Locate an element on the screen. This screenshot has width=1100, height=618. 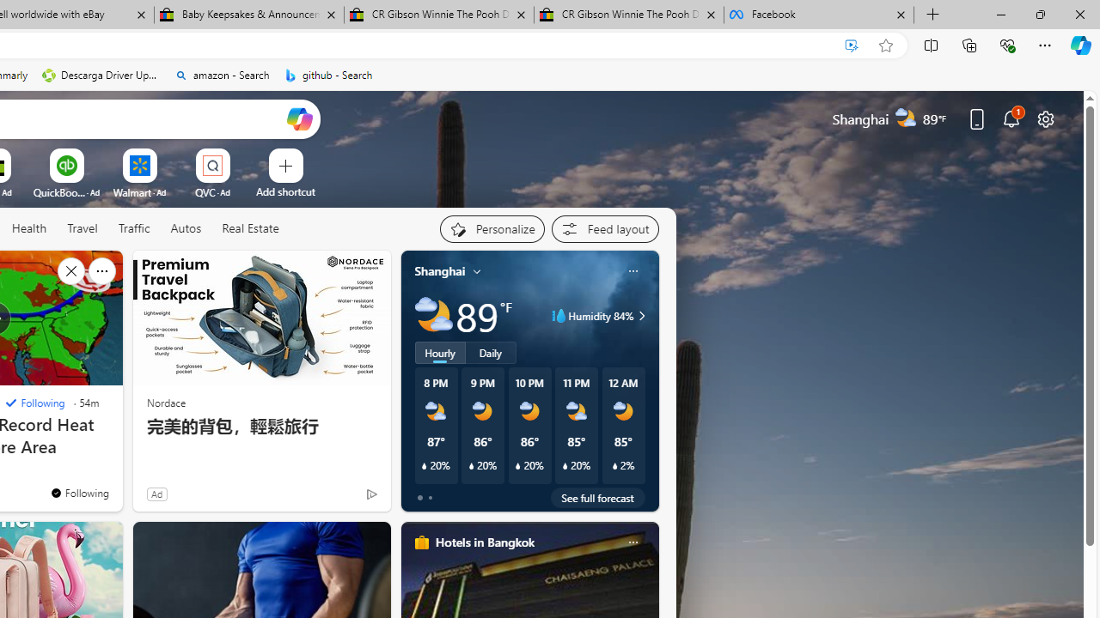
'Class: weather-current-precipitation-glyph' is located at coordinates (614, 466).